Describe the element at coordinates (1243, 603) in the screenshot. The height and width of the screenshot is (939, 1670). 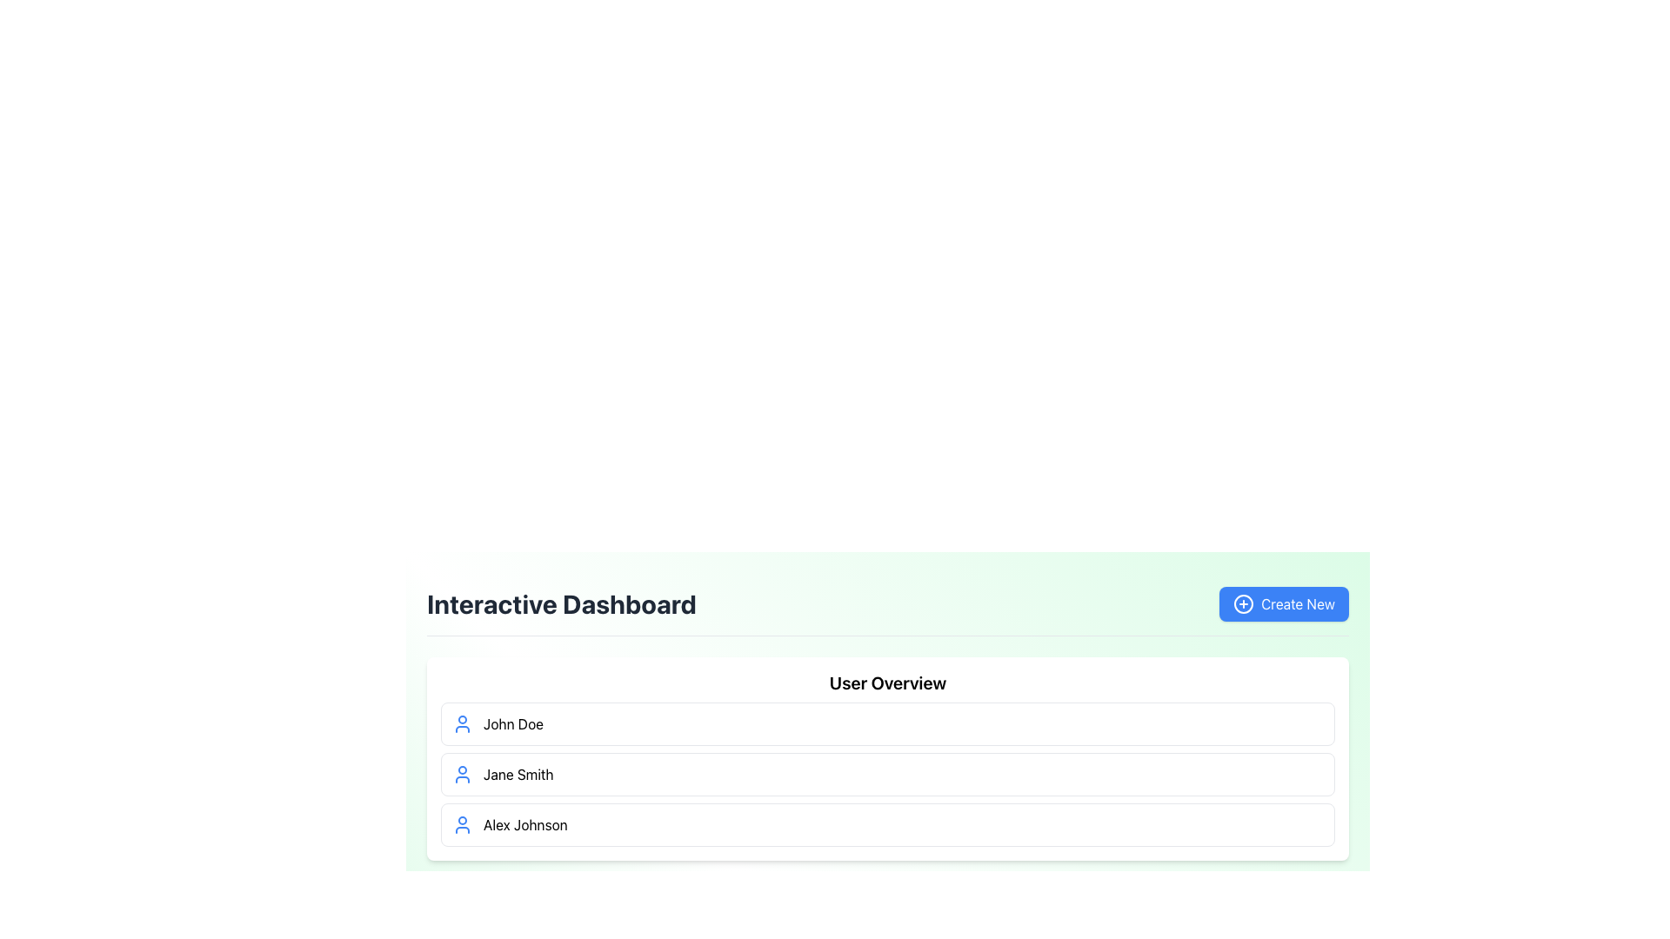
I see `the circular decoration within the 'Create New' button located in the top-right area of the interface above the 'User Overview' section` at that location.